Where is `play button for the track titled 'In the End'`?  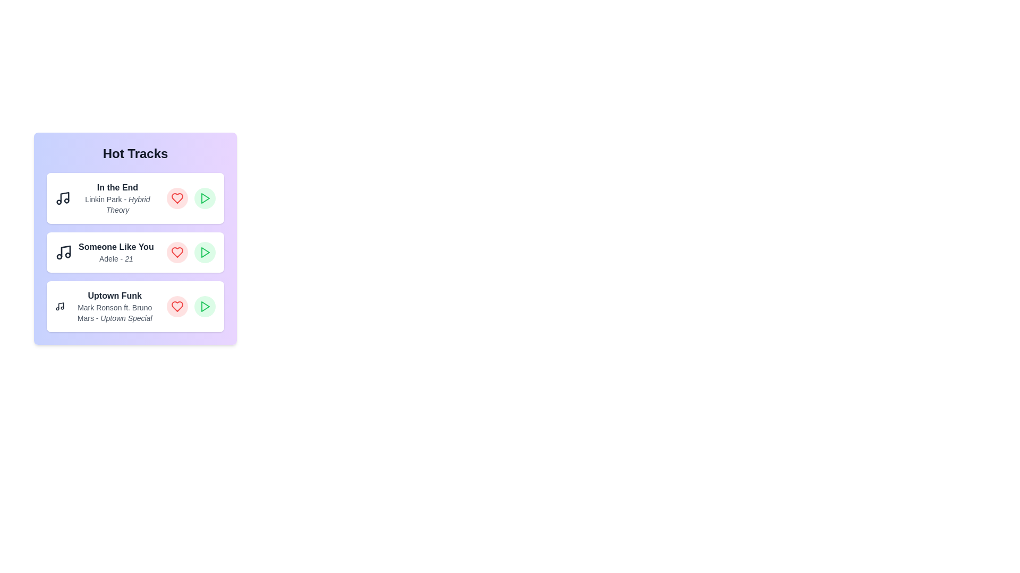
play button for the track titled 'In the End' is located at coordinates (205, 198).